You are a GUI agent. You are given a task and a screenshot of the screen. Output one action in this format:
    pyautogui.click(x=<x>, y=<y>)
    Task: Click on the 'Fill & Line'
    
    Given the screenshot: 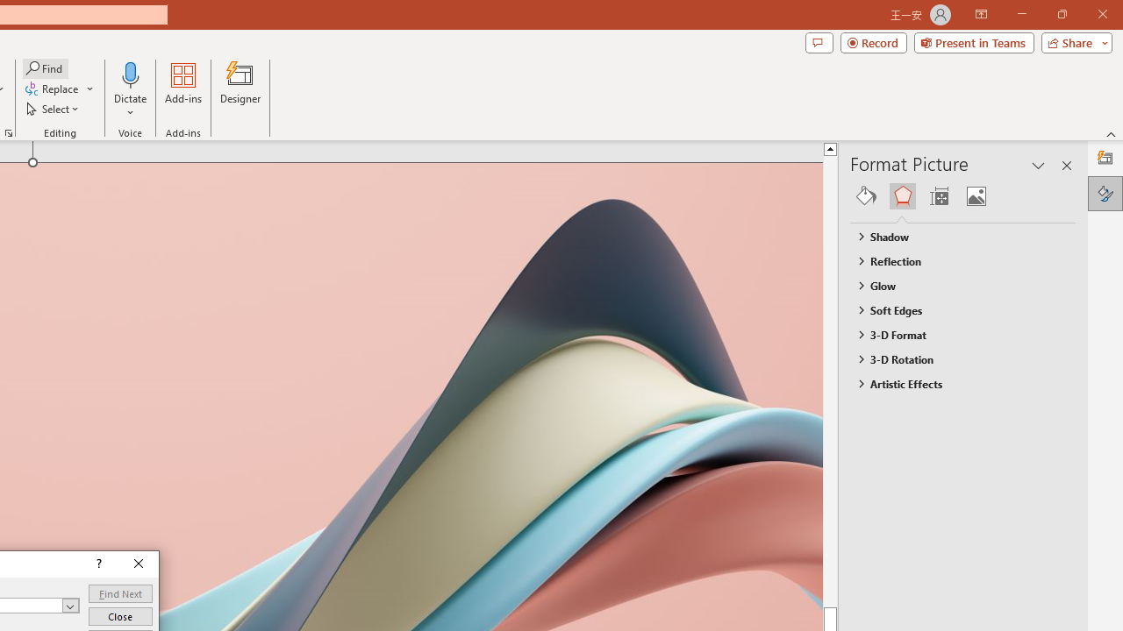 What is the action you would take?
    pyautogui.click(x=866, y=195)
    